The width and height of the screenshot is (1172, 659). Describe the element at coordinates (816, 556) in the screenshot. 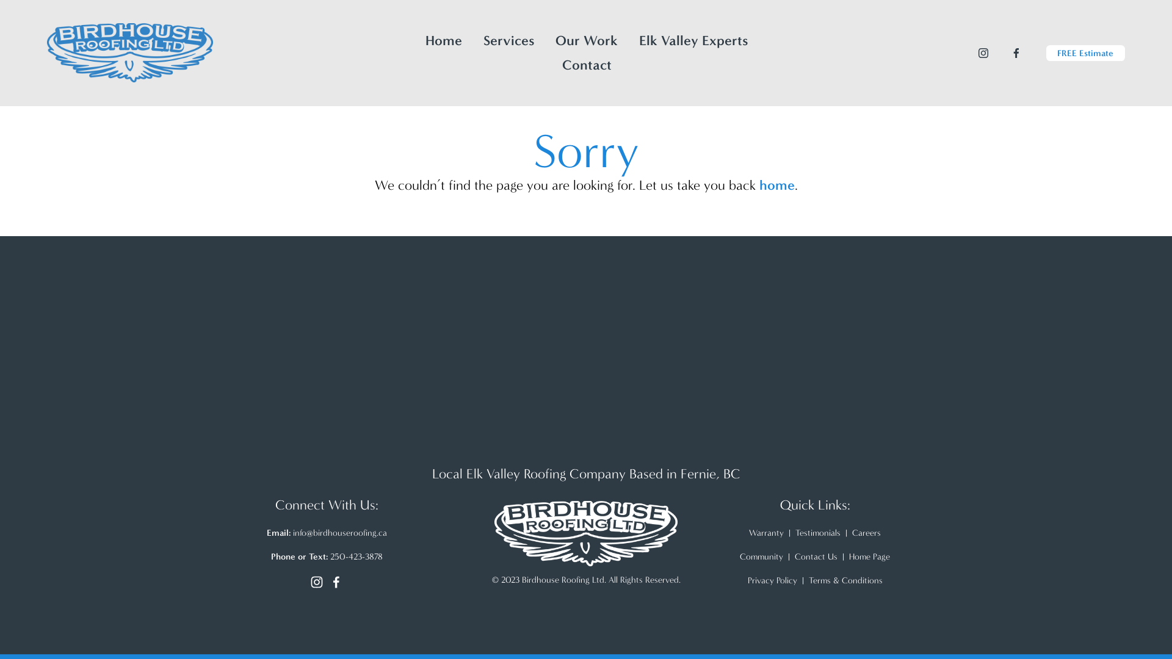

I see `'Contact Us'` at that location.